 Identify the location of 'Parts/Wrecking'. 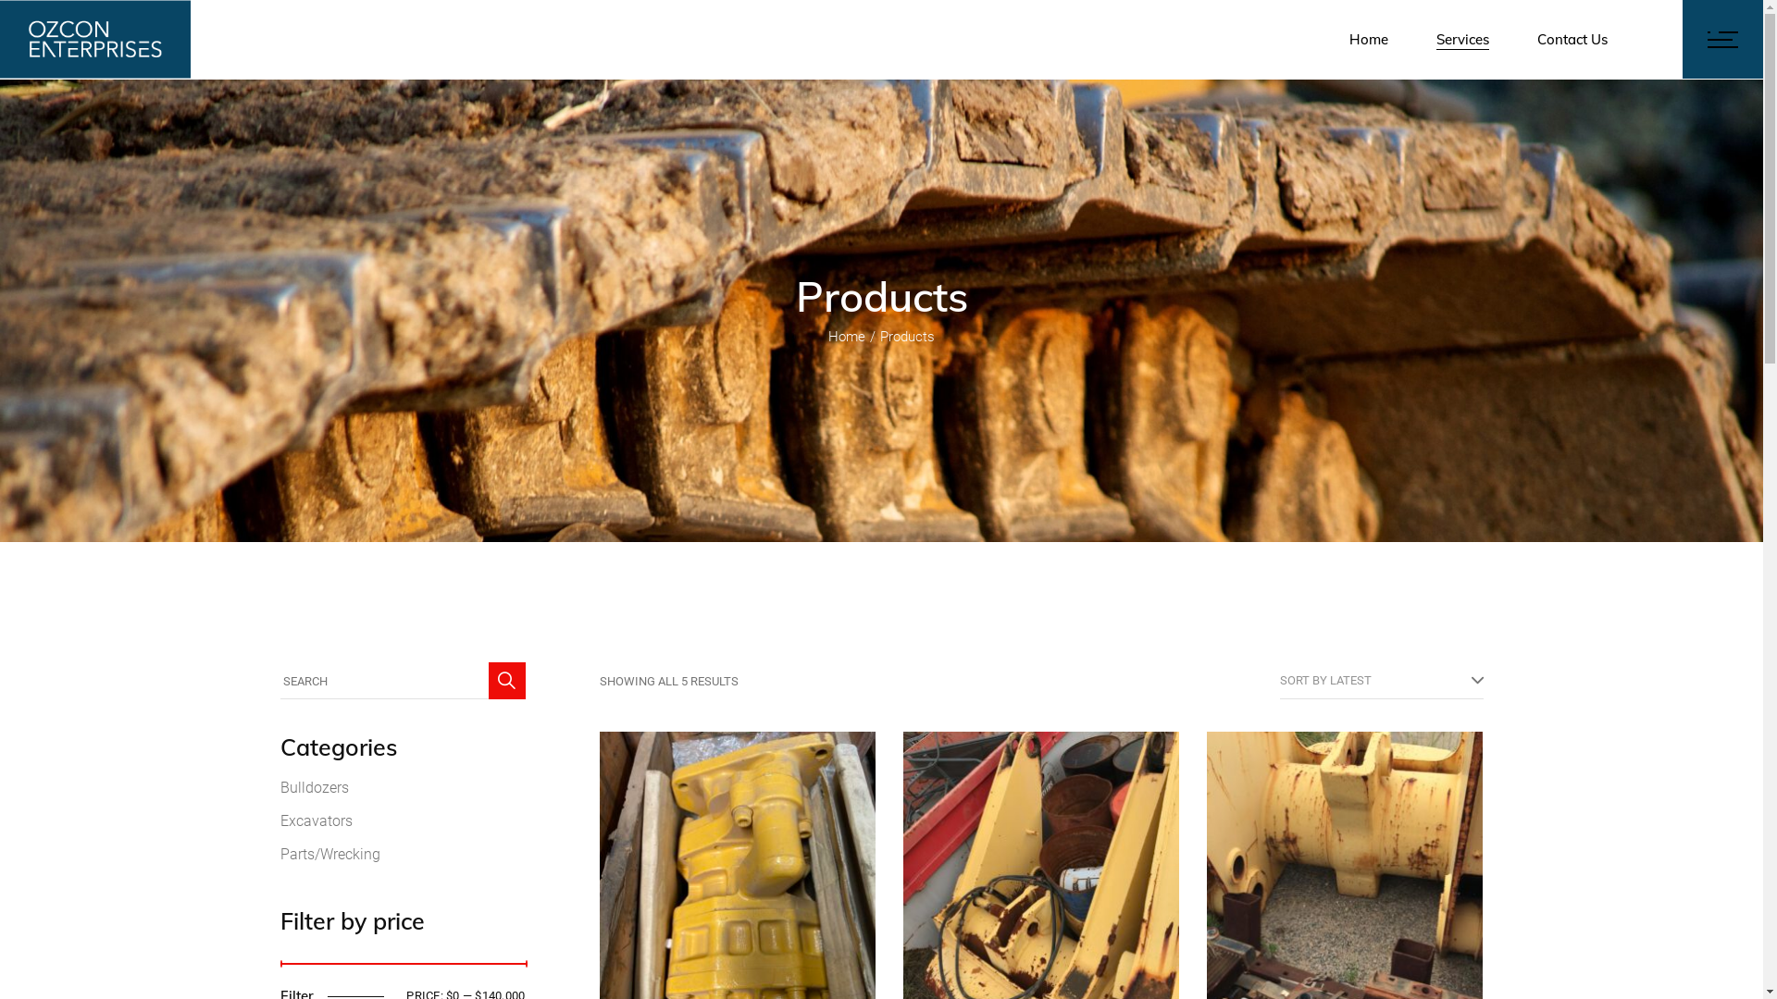
(329, 854).